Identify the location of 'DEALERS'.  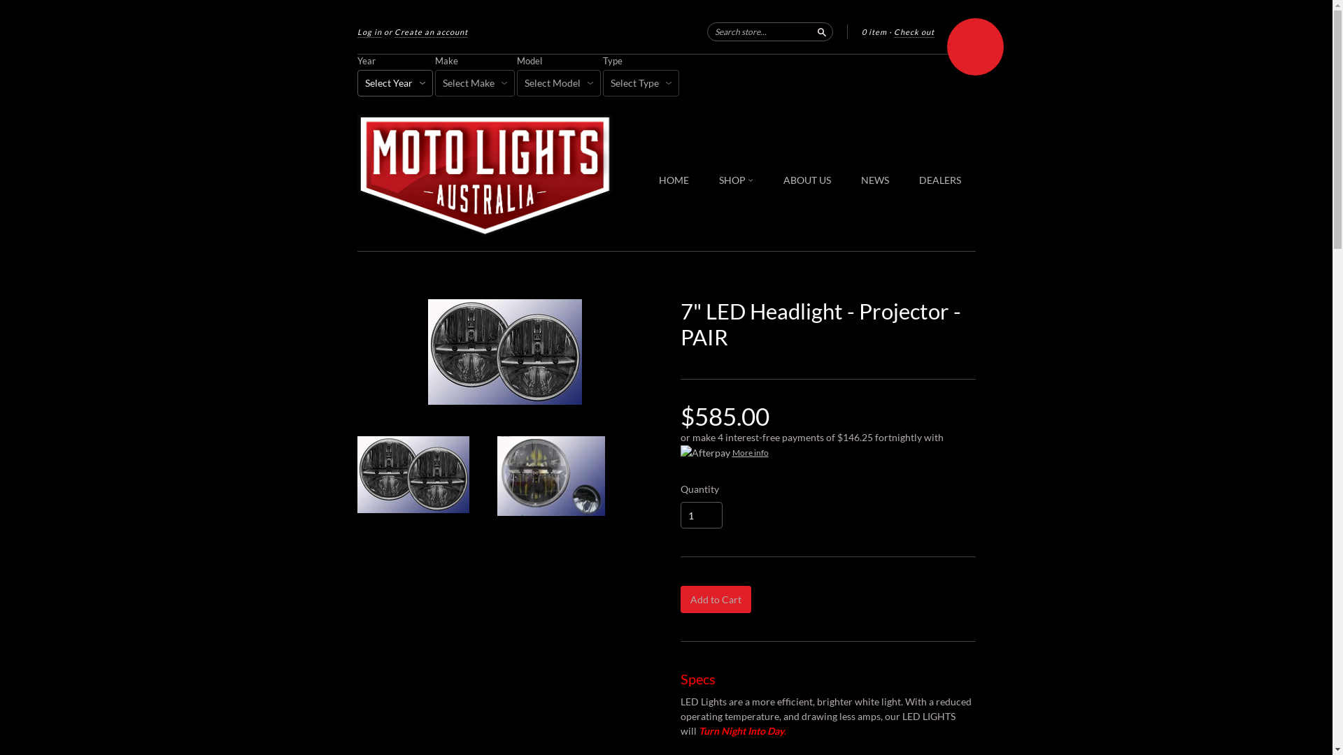
(919, 179).